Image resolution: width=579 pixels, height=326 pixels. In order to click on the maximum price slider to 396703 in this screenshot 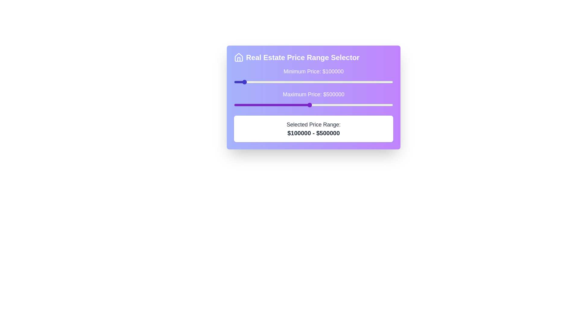, I will do `click(292, 104)`.